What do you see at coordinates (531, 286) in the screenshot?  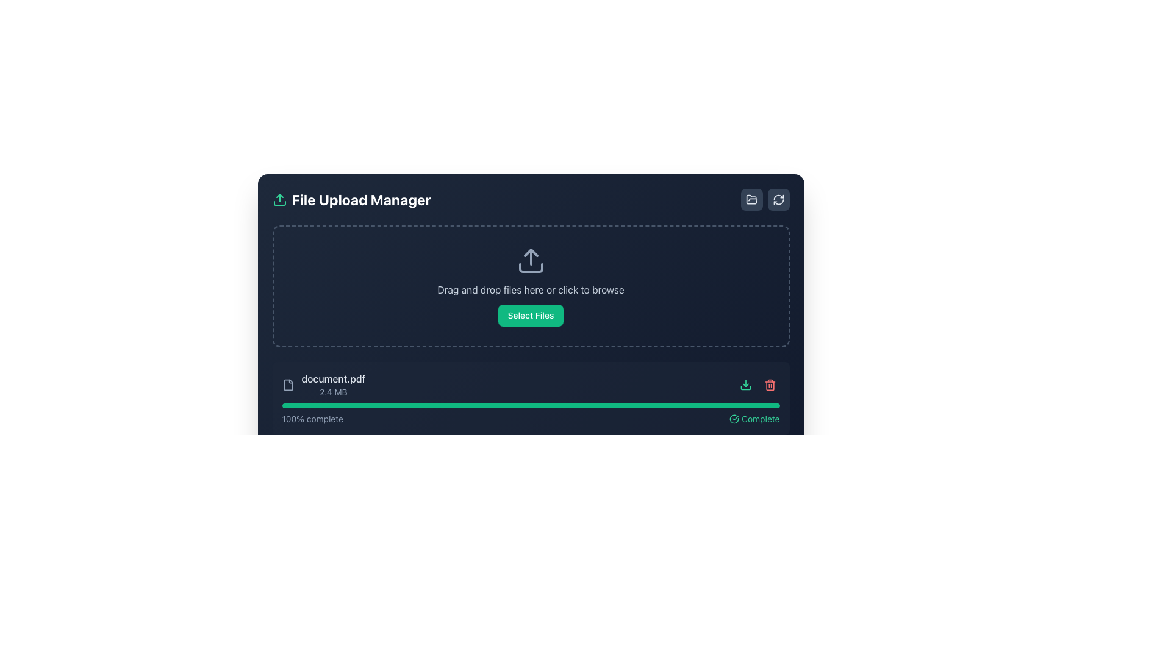 I see `the Interactive file upload area, which features a centered upload icon, a text prompt stating 'Drag and drop files here or click to browse', and a green 'Select Files' button below the prompt` at bounding box center [531, 286].